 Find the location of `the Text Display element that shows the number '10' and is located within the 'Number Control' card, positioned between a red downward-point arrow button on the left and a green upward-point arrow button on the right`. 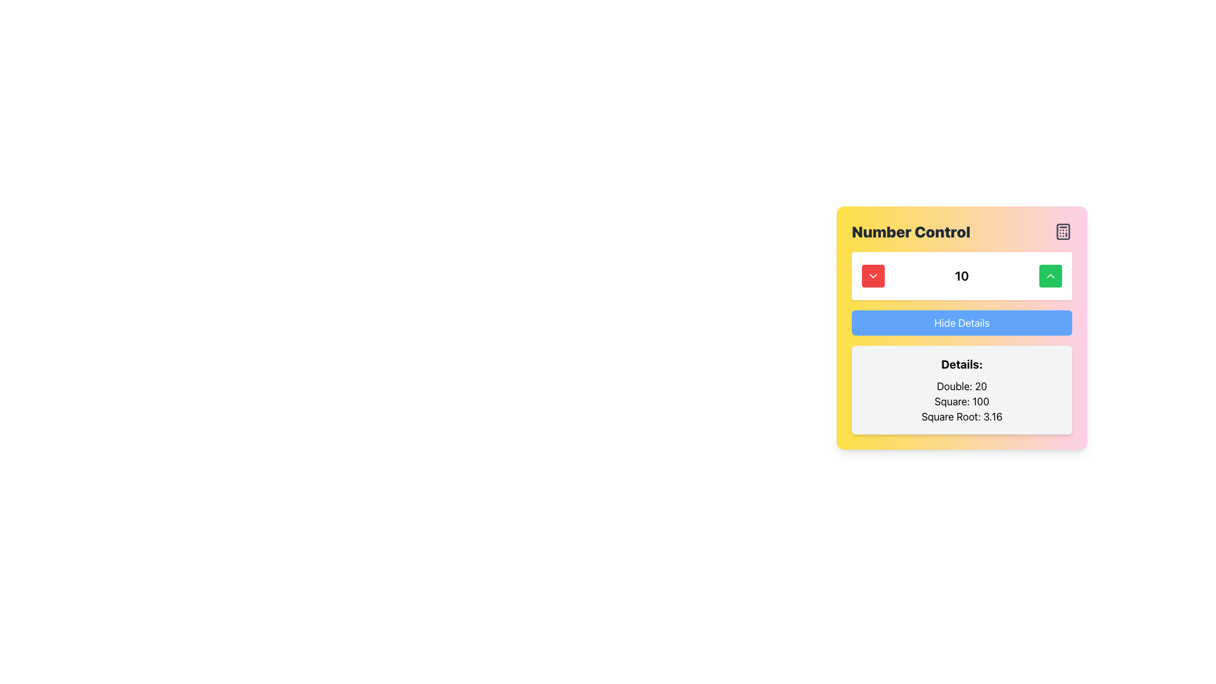

the Text Display element that shows the number '10' and is located within the 'Number Control' card, positioned between a red downward-point arrow button on the left and a green upward-point arrow button on the right is located at coordinates (961, 275).